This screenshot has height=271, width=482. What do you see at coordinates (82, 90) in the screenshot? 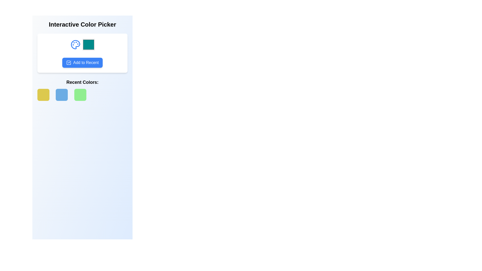
I see `the third green square box with rounded corners located below the heading 'Recent Colors:'` at bounding box center [82, 90].